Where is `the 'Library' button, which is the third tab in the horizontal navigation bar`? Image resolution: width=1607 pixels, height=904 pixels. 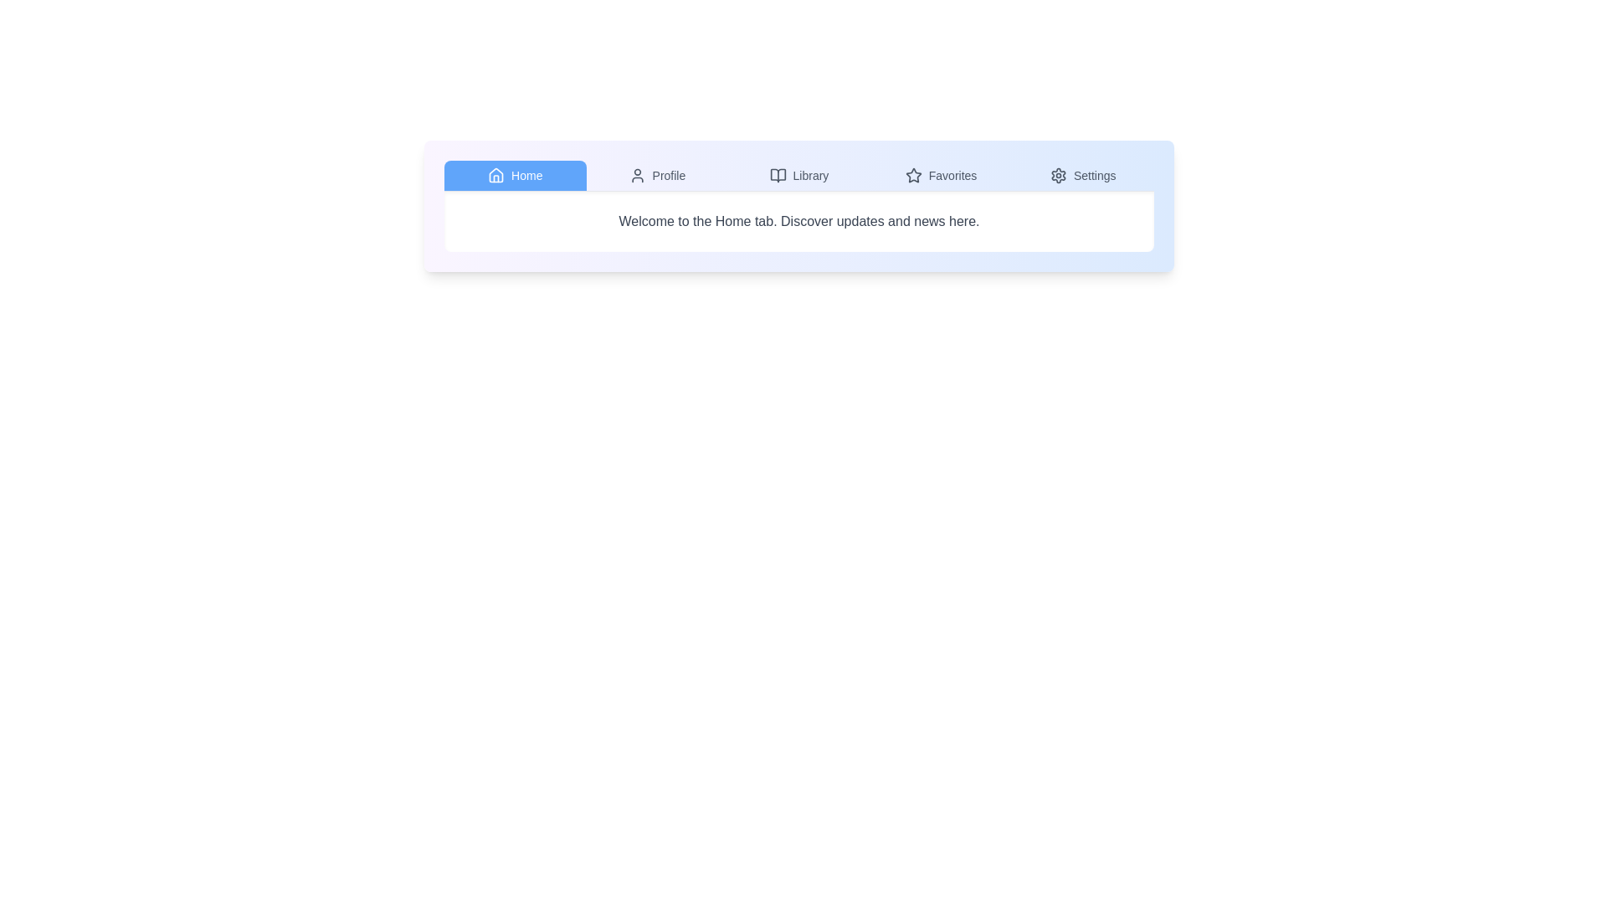 the 'Library' button, which is the third tab in the horizontal navigation bar is located at coordinates (798, 175).